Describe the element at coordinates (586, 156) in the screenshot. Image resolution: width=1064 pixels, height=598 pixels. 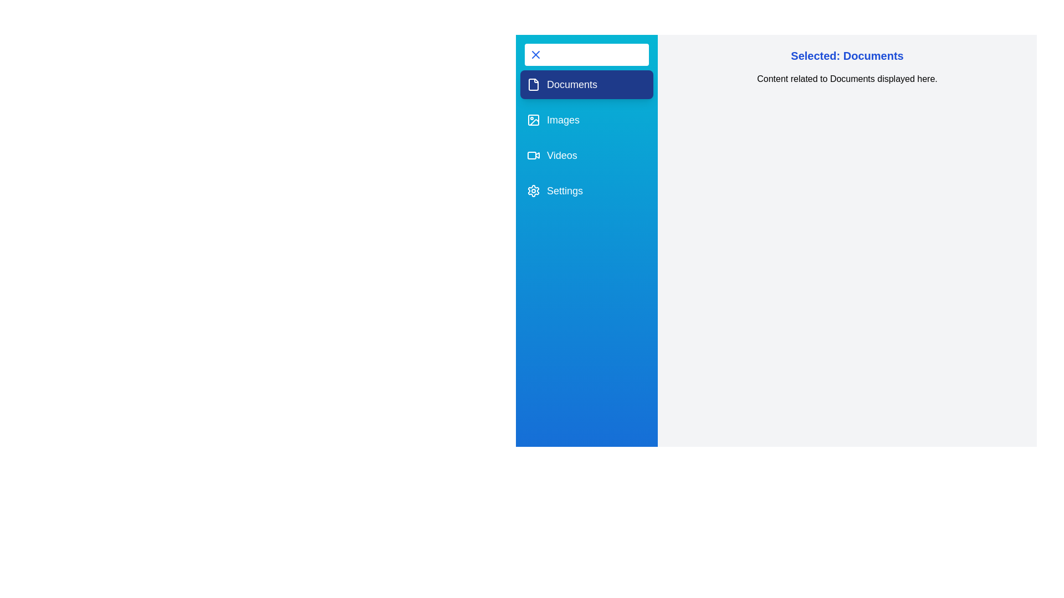
I see `the tab Videos from the MultimediaDrawer component` at that location.